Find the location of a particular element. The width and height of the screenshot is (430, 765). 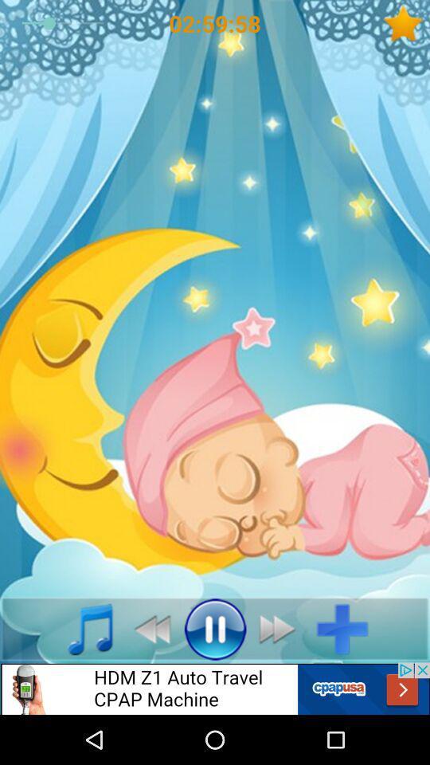

previous audio is located at coordinates (147, 629).